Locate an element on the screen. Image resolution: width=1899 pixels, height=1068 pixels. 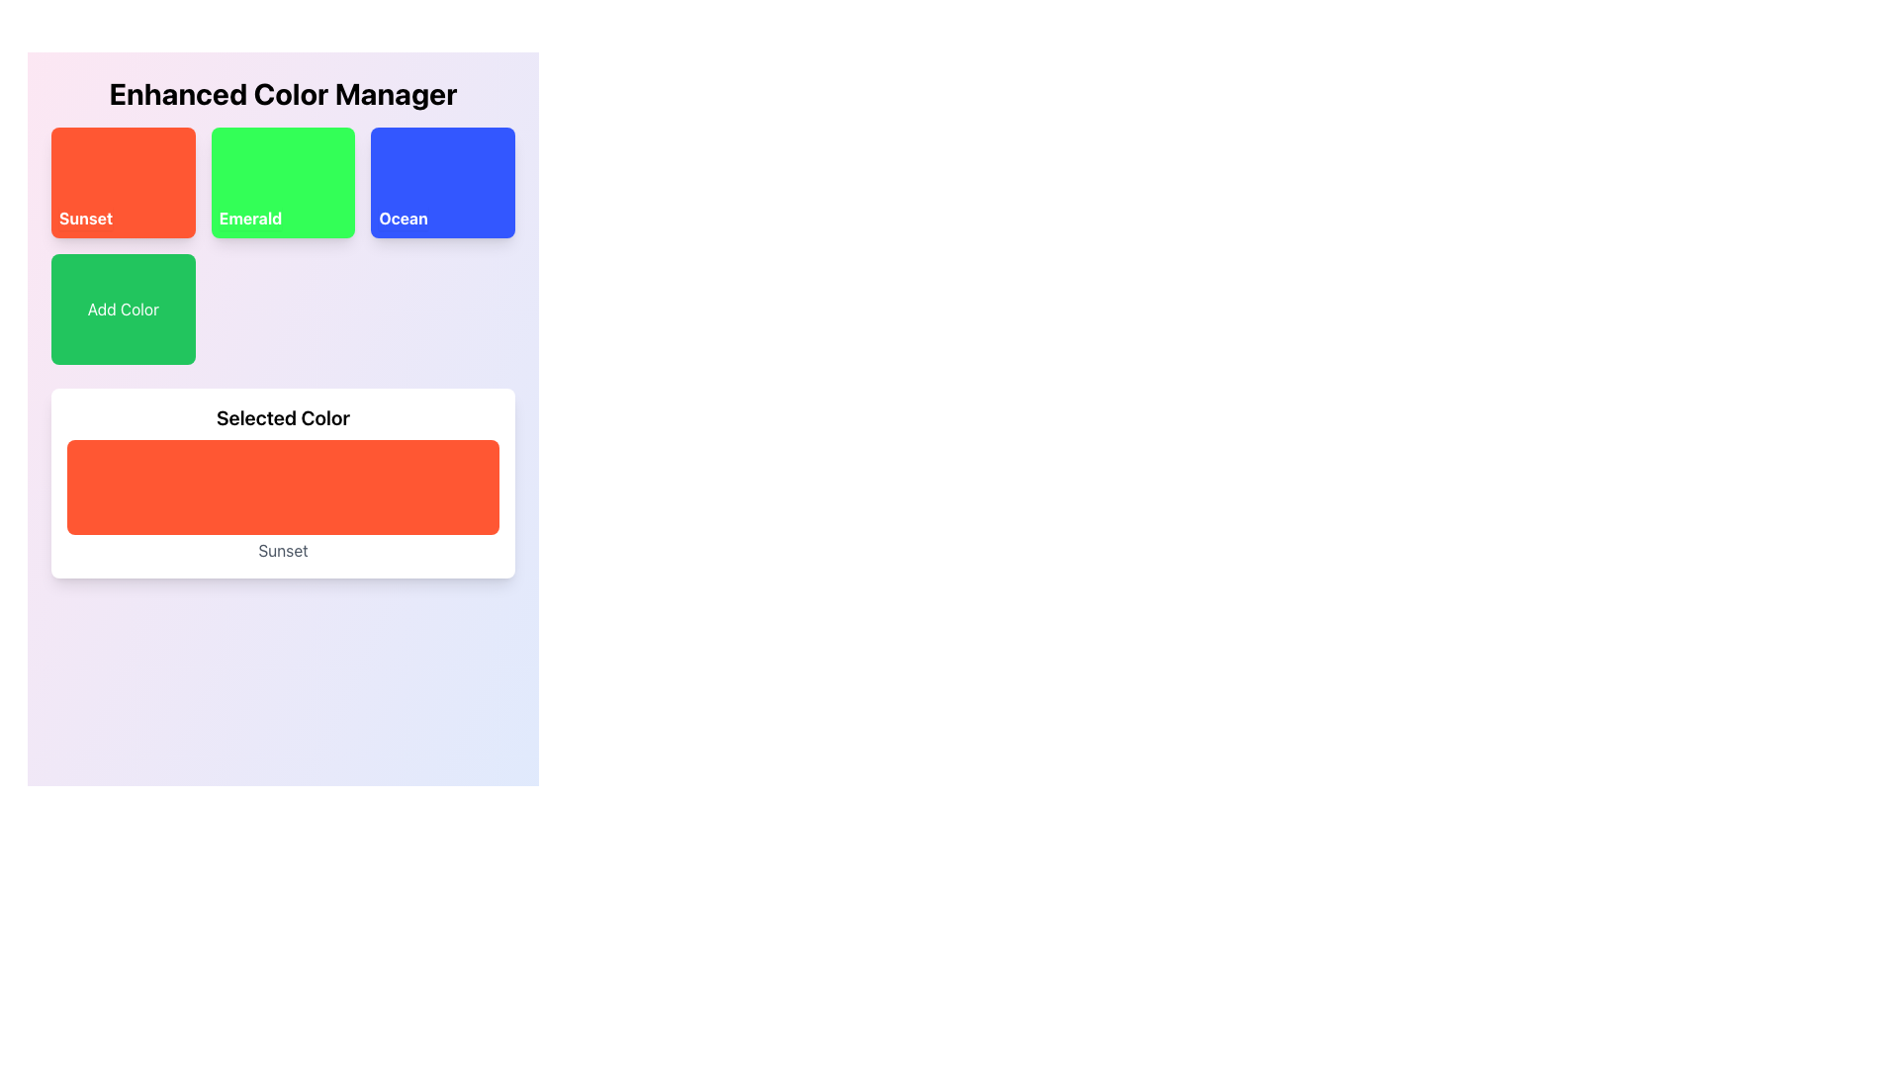
the 'Ocean' color button located in the top-right corner of the color selection grid is located at coordinates (442, 183).